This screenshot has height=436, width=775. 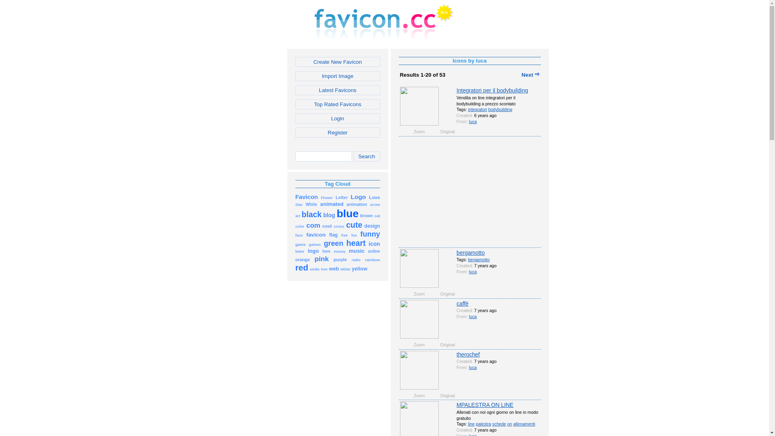 What do you see at coordinates (307, 250) in the screenshot?
I see `'logo'` at bounding box center [307, 250].